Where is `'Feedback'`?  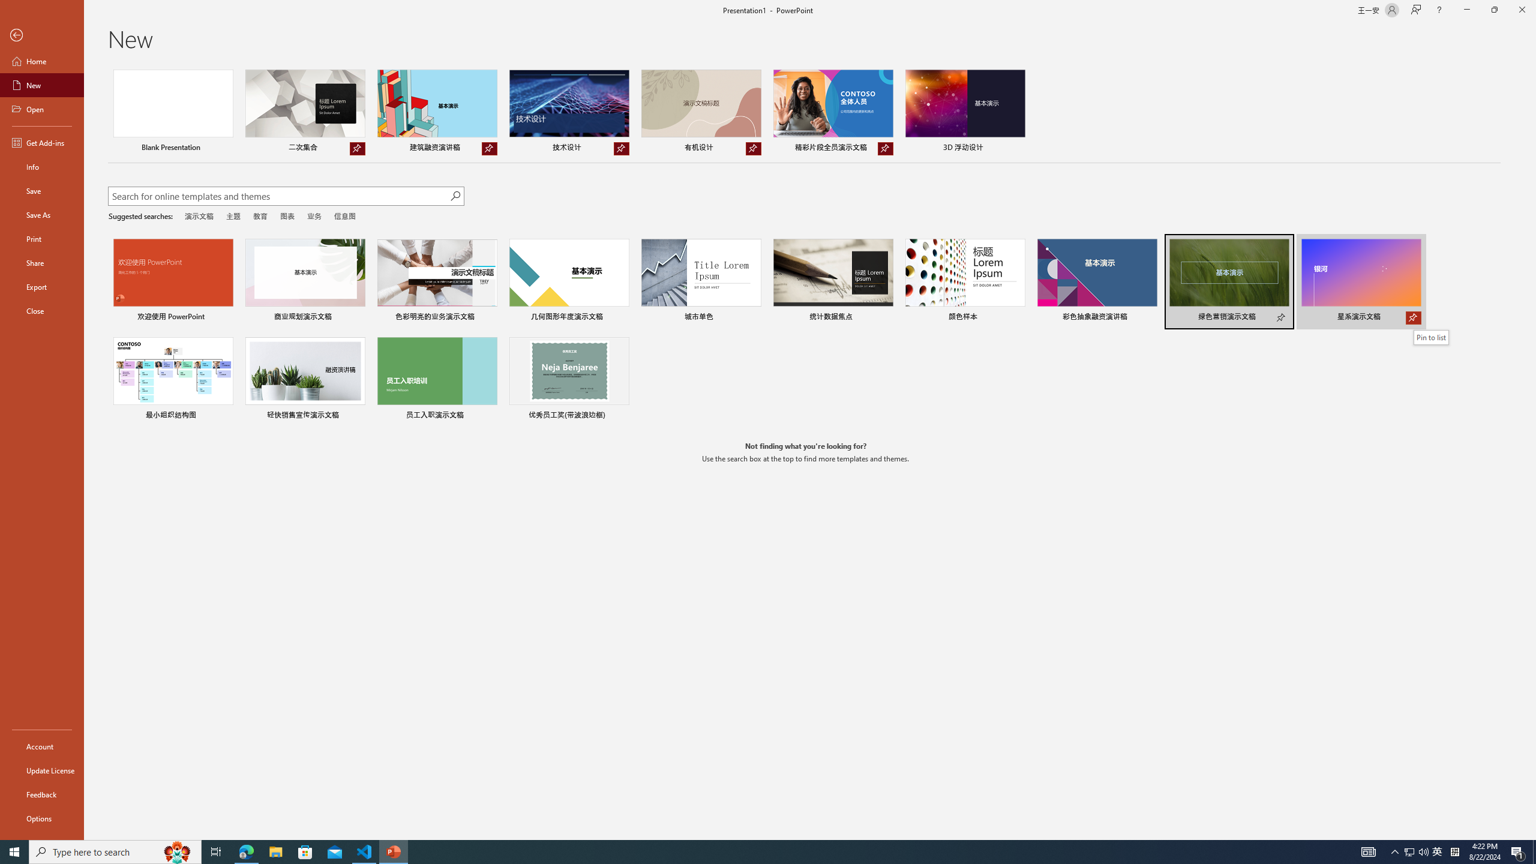
'Feedback' is located at coordinates (41, 794).